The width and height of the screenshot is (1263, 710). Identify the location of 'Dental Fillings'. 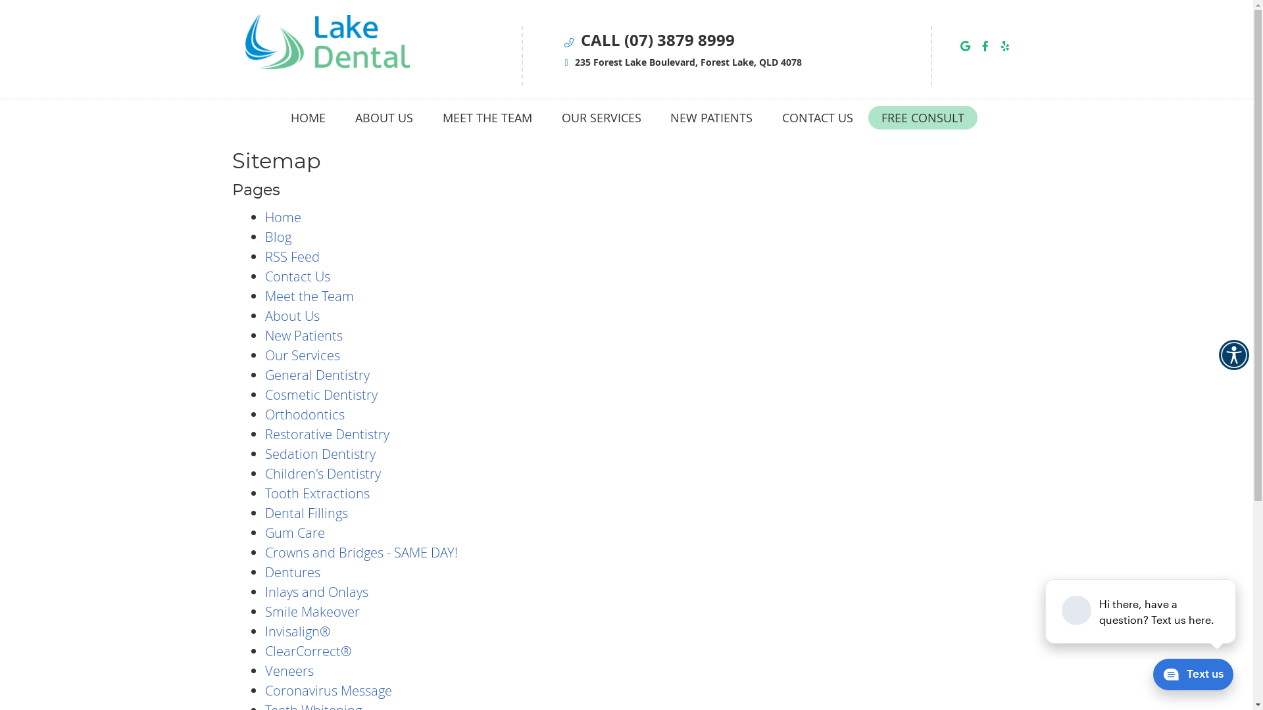
(264, 512).